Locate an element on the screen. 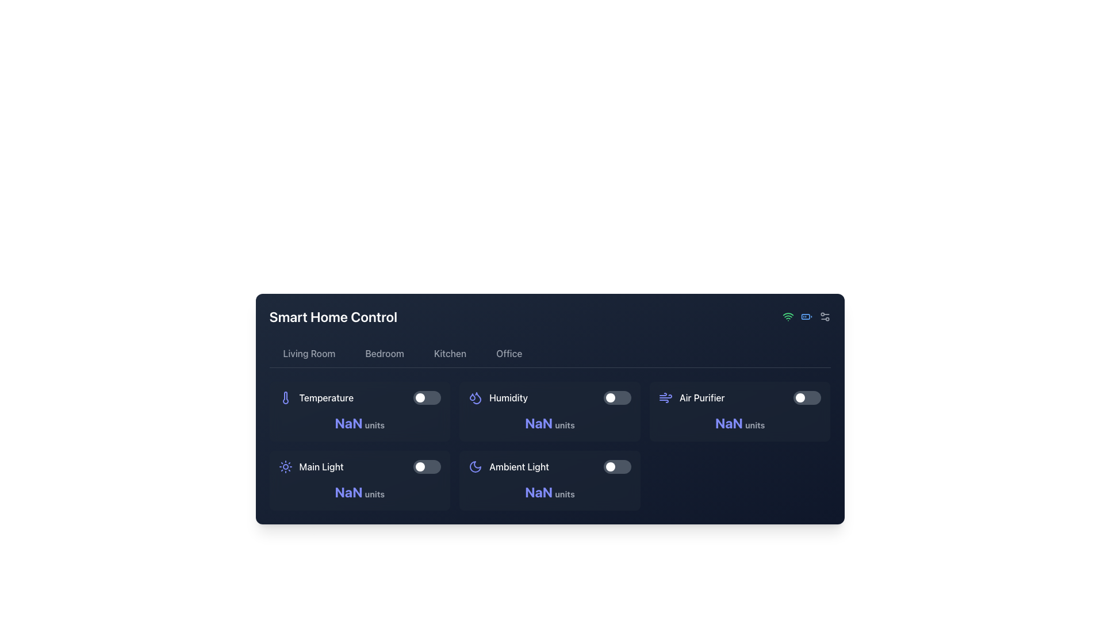  the thermometer icon located to the left of the 'Temperature' label in the top-left segment of the interface, which serves a decorative purpose is located at coordinates (285, 397).